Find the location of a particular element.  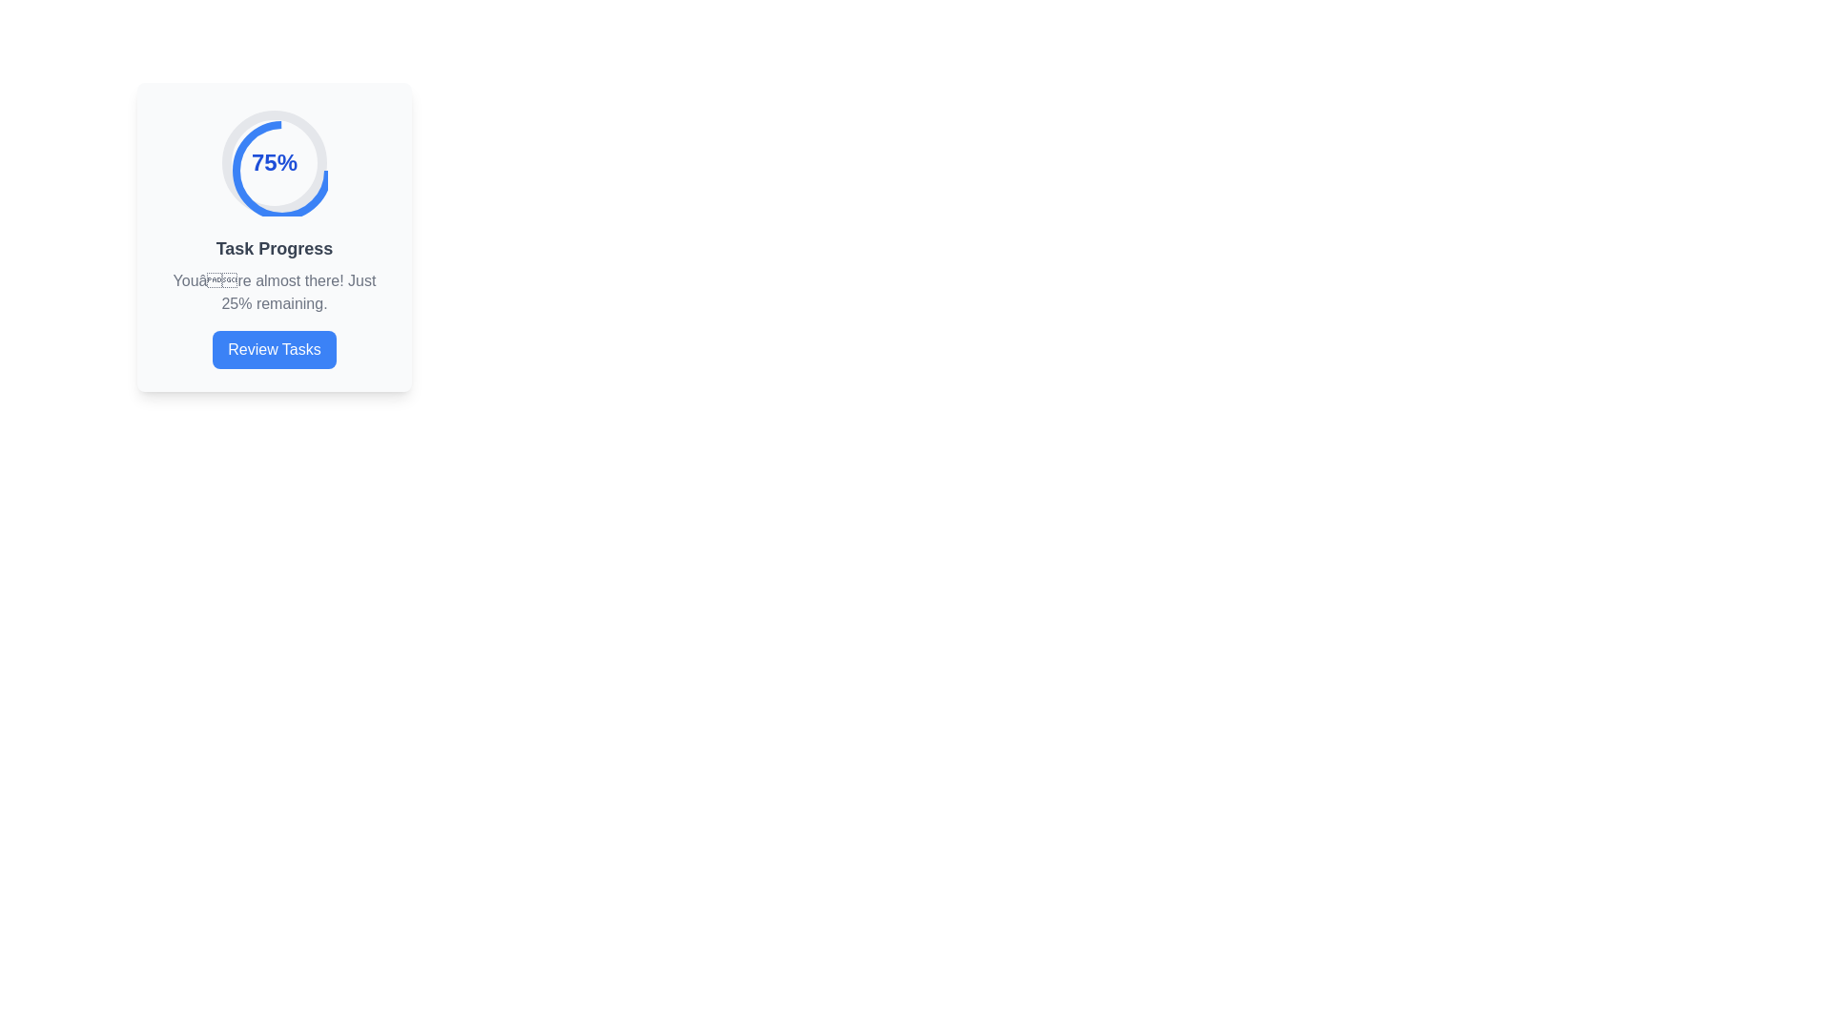

task progress update displayed in the text component that shows 'Task Progress' and 'You’re almost there! Just 25% remaining.' is located at coordinates (274, 276).